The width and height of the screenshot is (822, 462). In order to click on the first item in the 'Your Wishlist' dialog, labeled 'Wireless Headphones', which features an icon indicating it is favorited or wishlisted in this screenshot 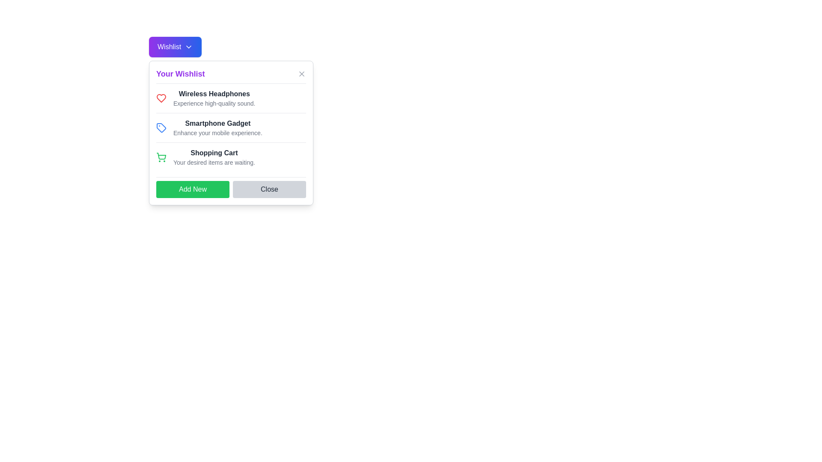, I will do `click(231, 98)`.